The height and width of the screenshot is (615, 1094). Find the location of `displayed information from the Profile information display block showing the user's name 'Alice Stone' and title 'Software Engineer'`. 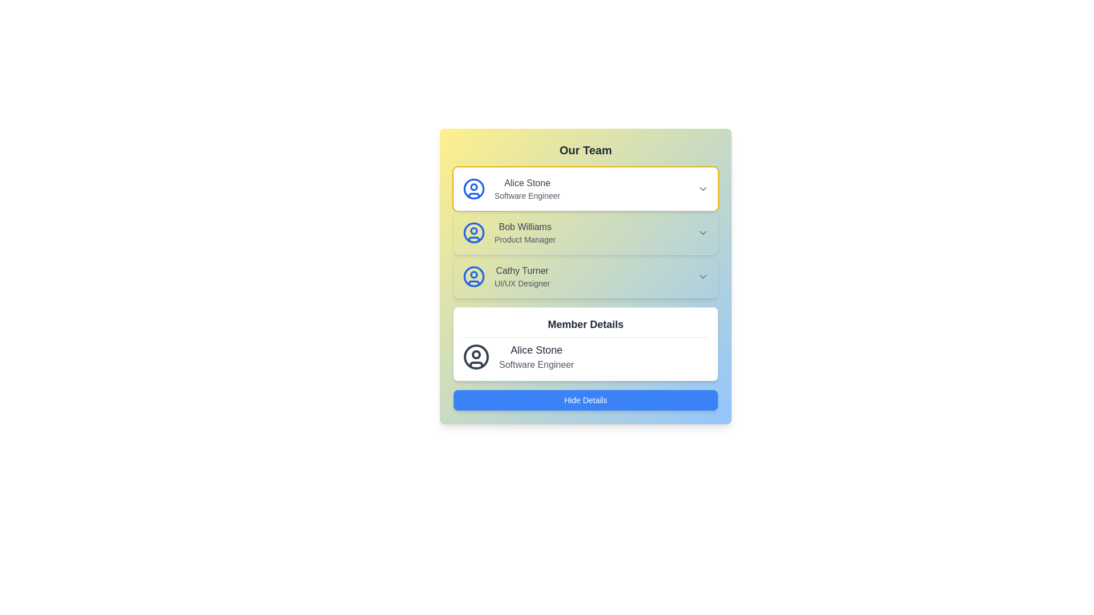

displayed information from the Profile information display block showing the user's name 'Alice Stone' and title 'Software Engineer' is located at coordinates (585, 356).